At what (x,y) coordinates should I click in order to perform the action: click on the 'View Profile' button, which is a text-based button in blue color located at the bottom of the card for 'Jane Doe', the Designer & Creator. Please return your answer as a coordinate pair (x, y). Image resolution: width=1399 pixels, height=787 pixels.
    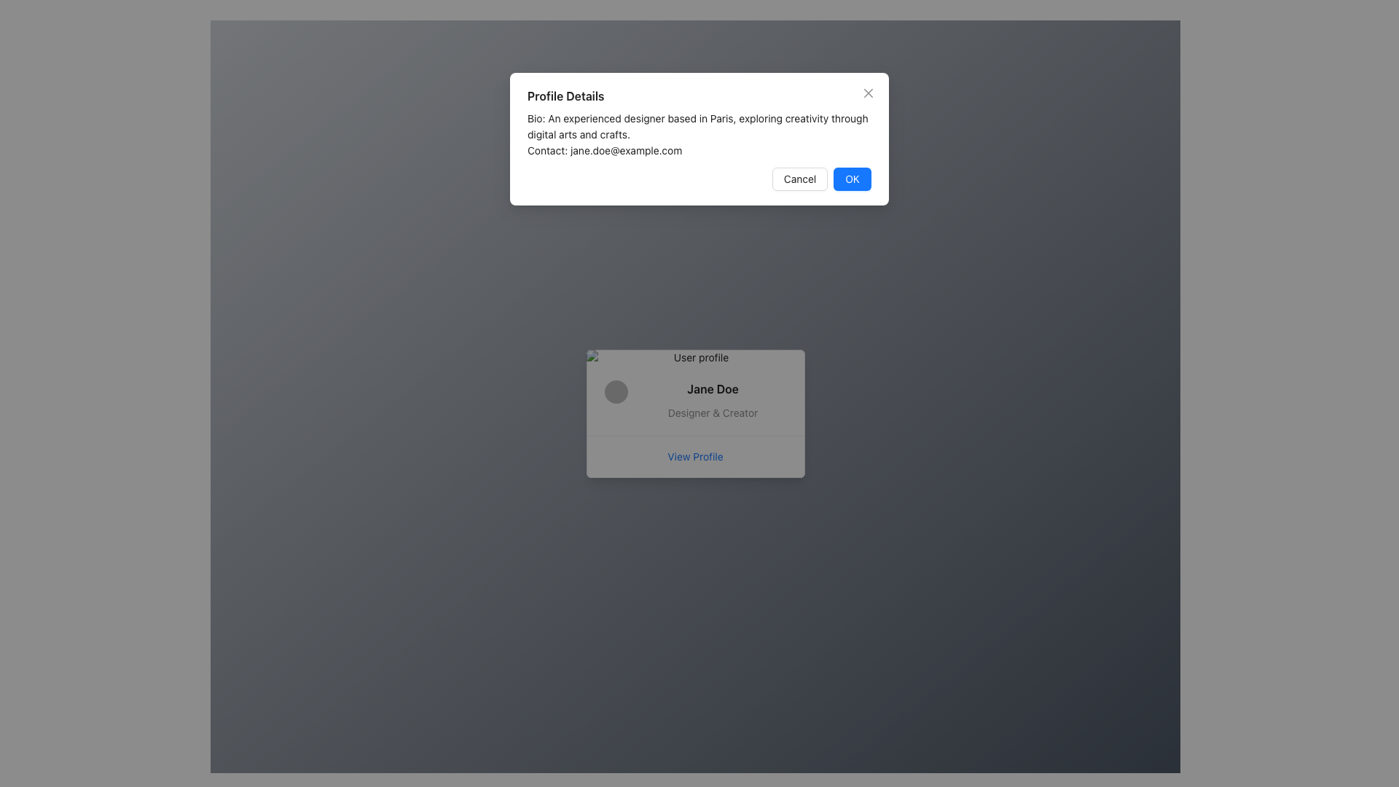
    Looking at the image, I should click on (694, 455).